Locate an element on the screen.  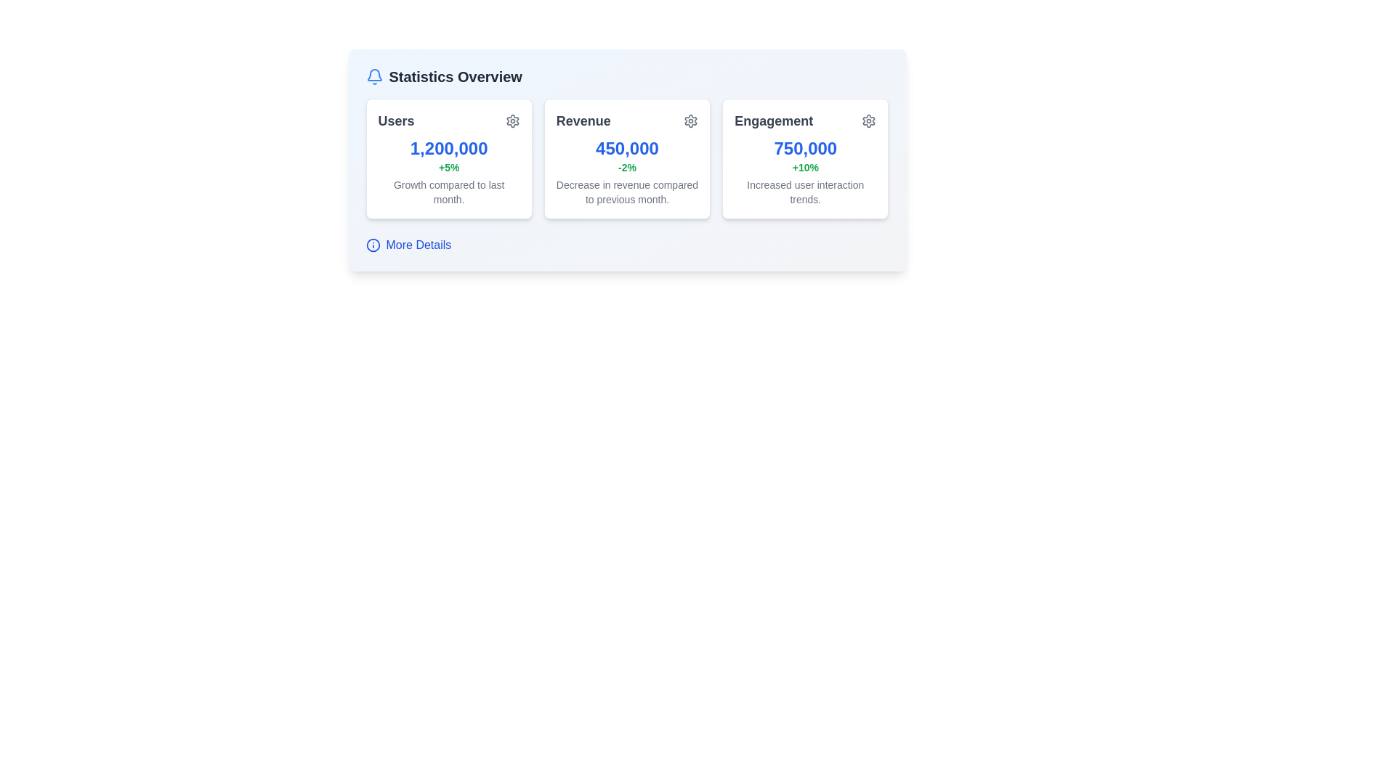
the bold text label 'Engagement' in the Statistics Overview section, located at the top of the third card from the left is located at coordinates (773, 120).